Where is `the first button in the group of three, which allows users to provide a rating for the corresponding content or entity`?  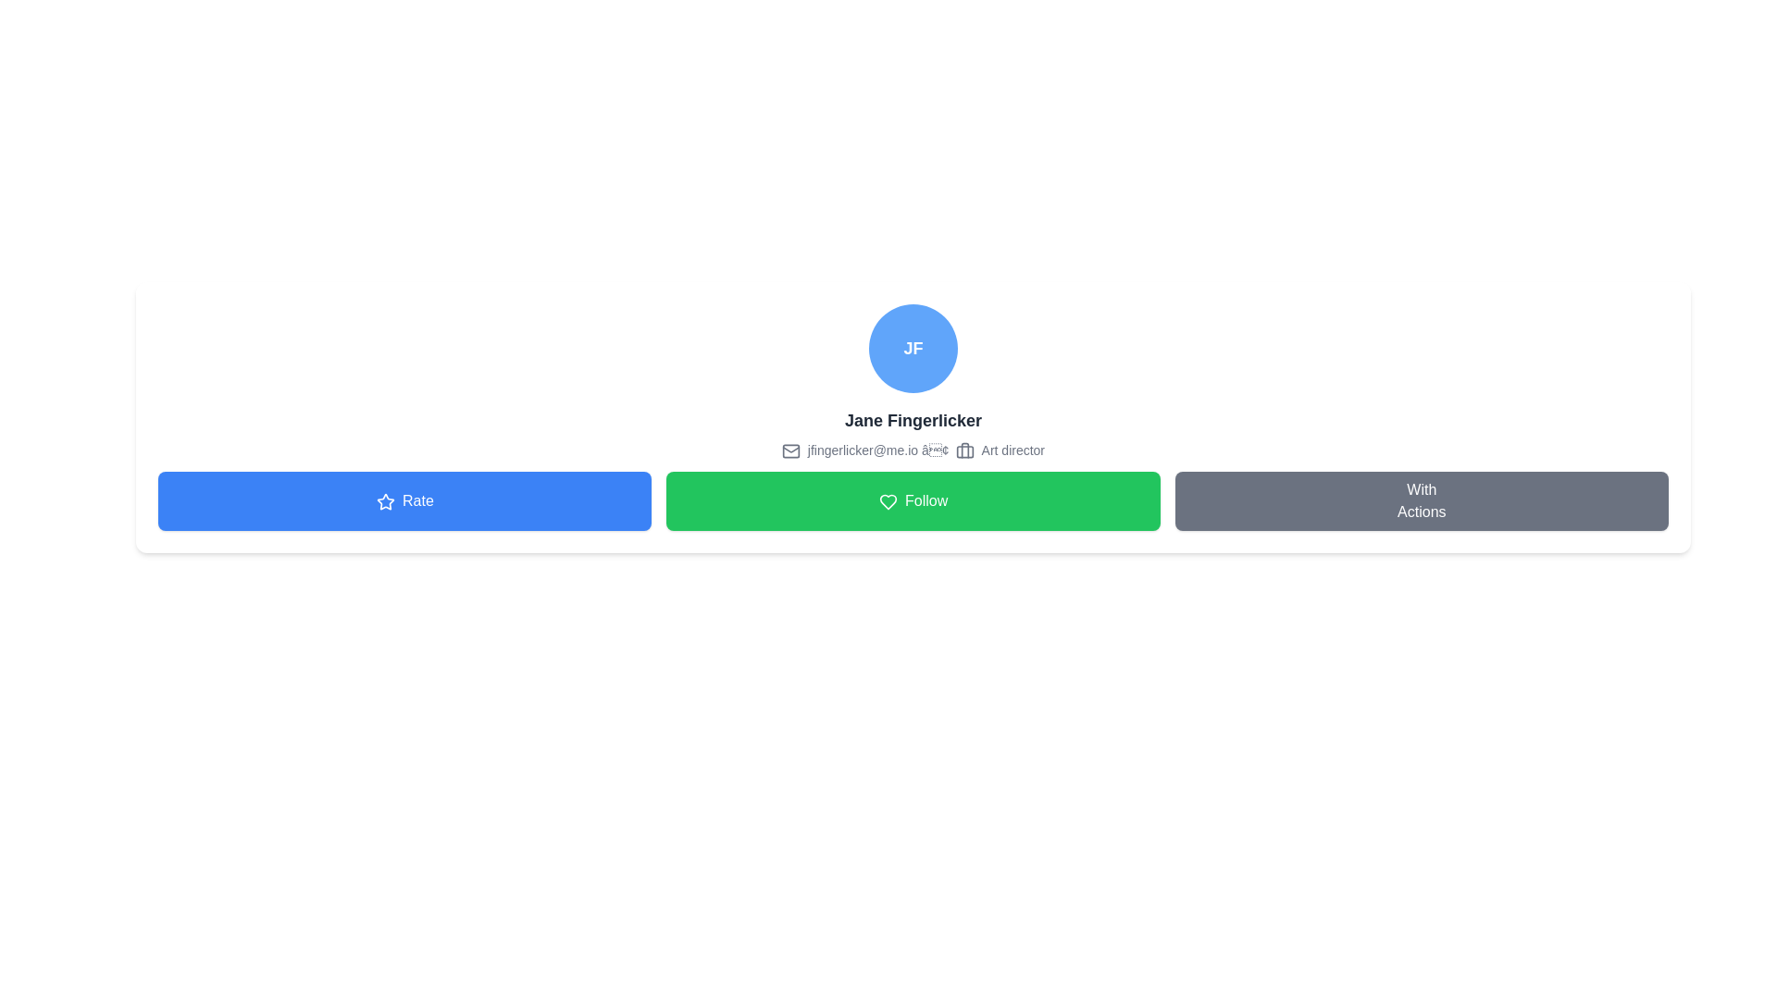
the first button in the group of three, which allows users to provide a rating for the corresponding content or entity is located at coordinates (404, 501).